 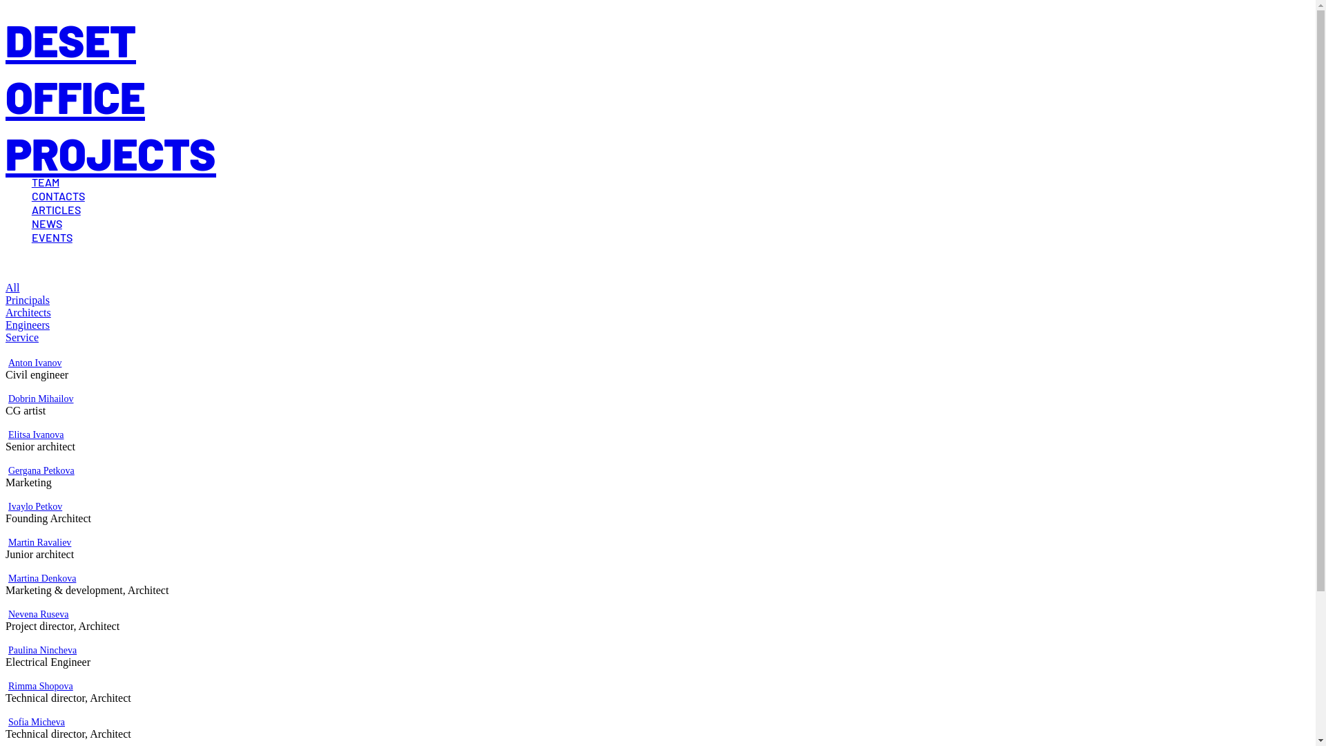 I want to click on 'Rimma Shopova', so click(x=40, y=686).